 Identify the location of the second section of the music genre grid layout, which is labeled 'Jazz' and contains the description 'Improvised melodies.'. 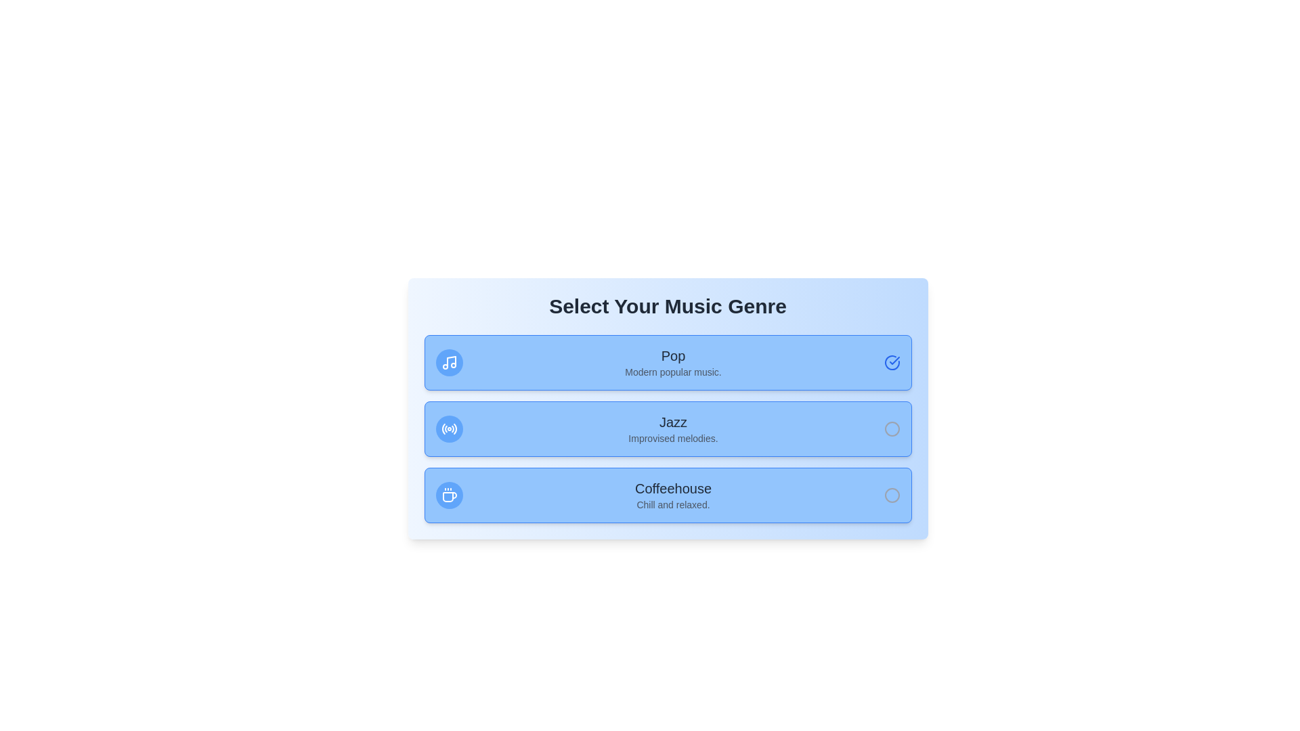
(668, 428).